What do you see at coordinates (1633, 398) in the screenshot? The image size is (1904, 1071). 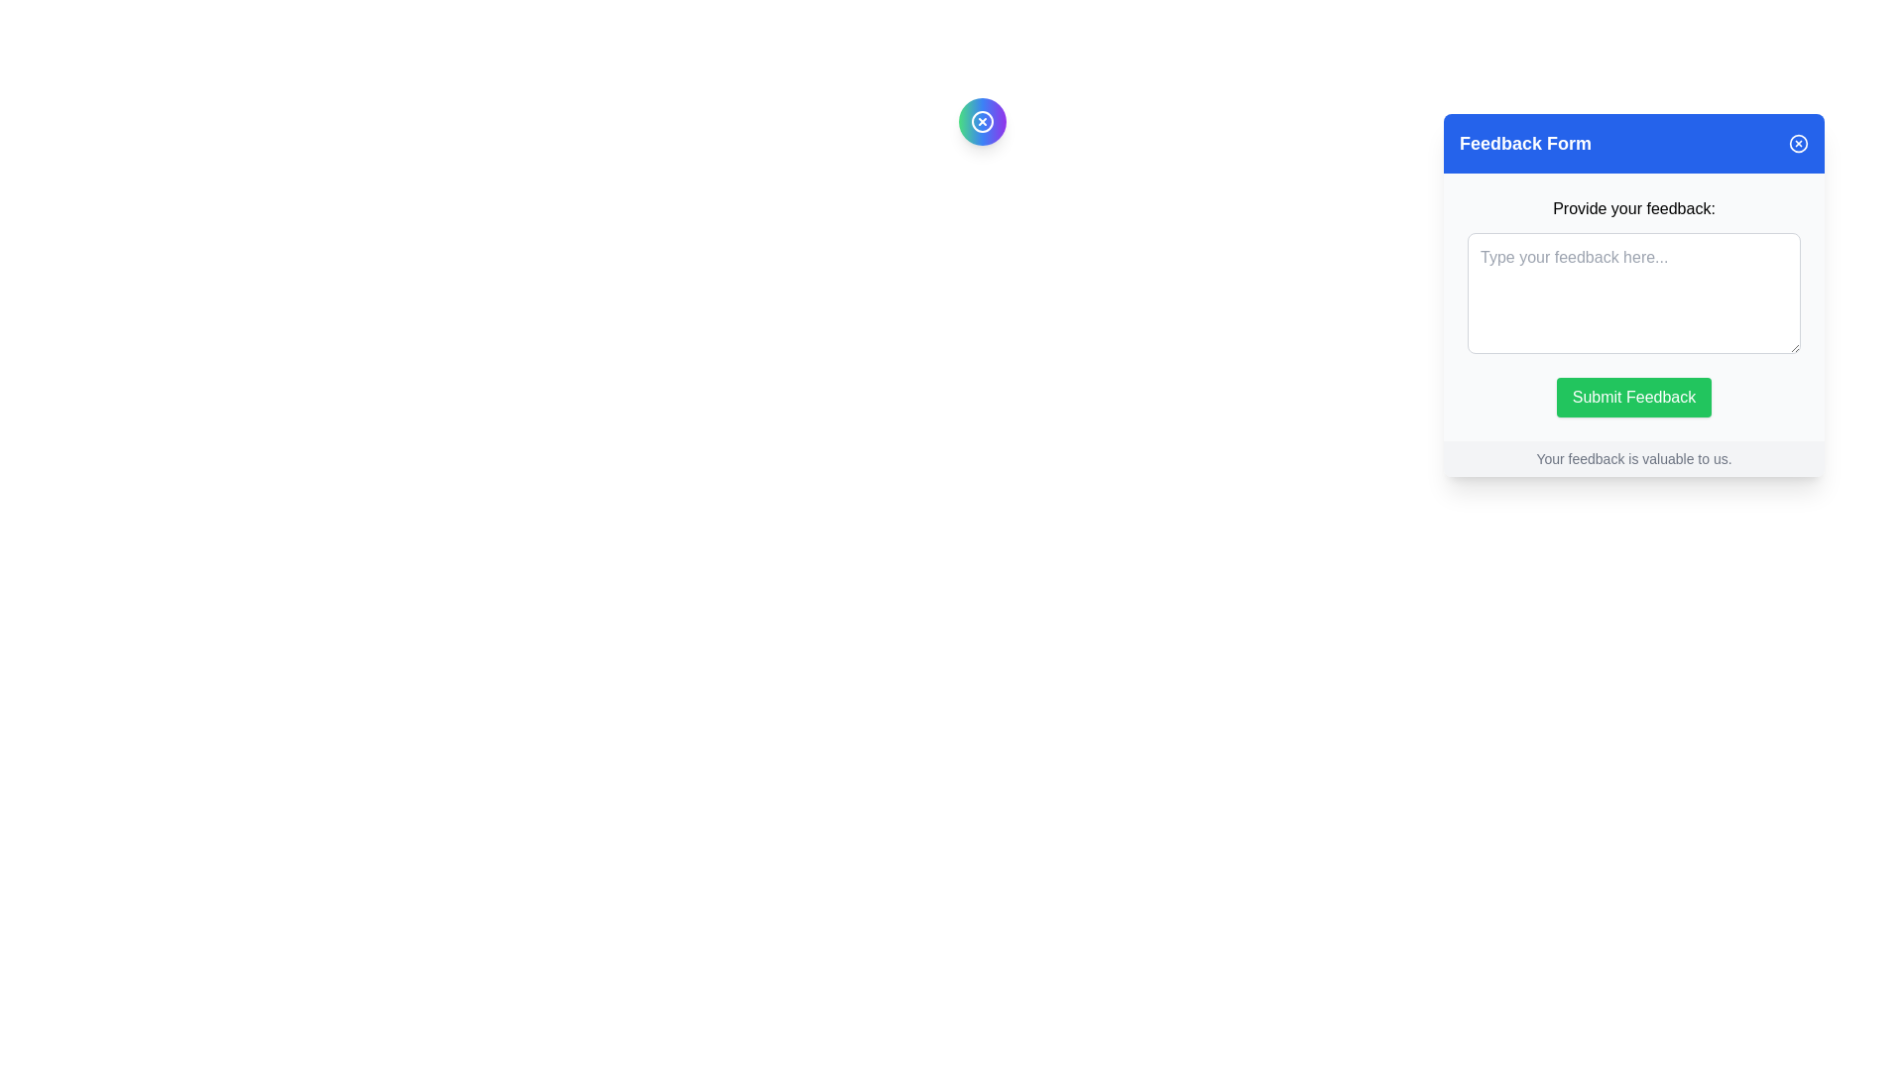 I see `the feedback submission button located at the bottom of the feedback form` at bounding box center [1633, 398].